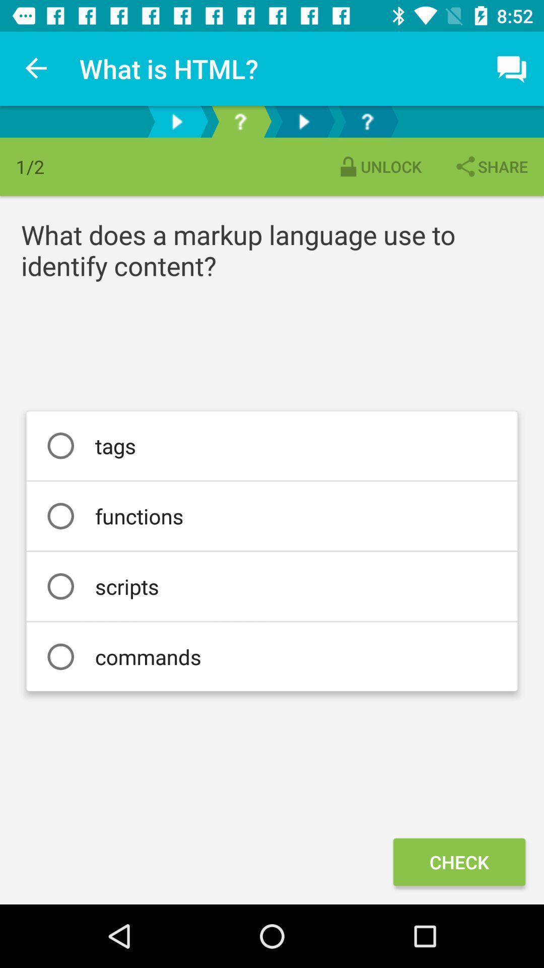  I want to click on next question, so click(240, 121).